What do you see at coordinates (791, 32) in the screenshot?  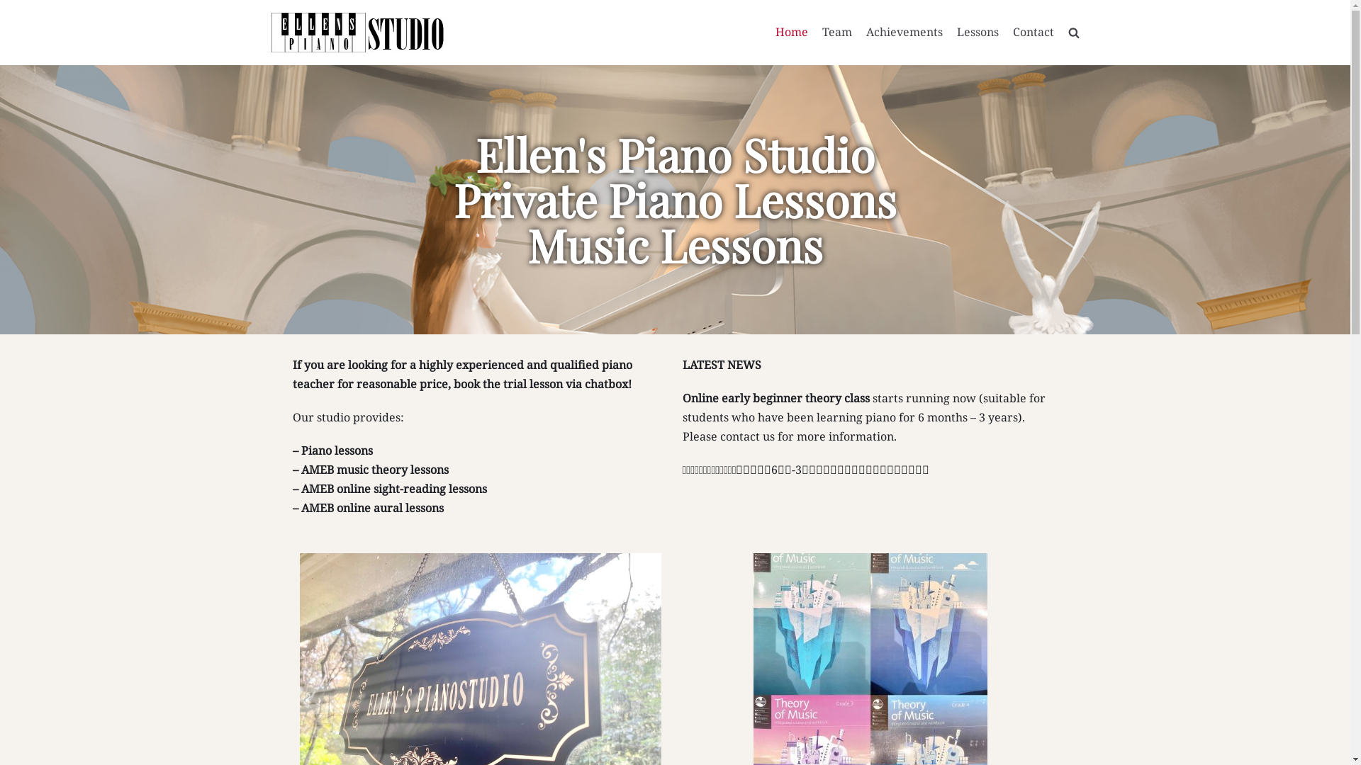 I see `'Home'` at bounding box center [791, 32].